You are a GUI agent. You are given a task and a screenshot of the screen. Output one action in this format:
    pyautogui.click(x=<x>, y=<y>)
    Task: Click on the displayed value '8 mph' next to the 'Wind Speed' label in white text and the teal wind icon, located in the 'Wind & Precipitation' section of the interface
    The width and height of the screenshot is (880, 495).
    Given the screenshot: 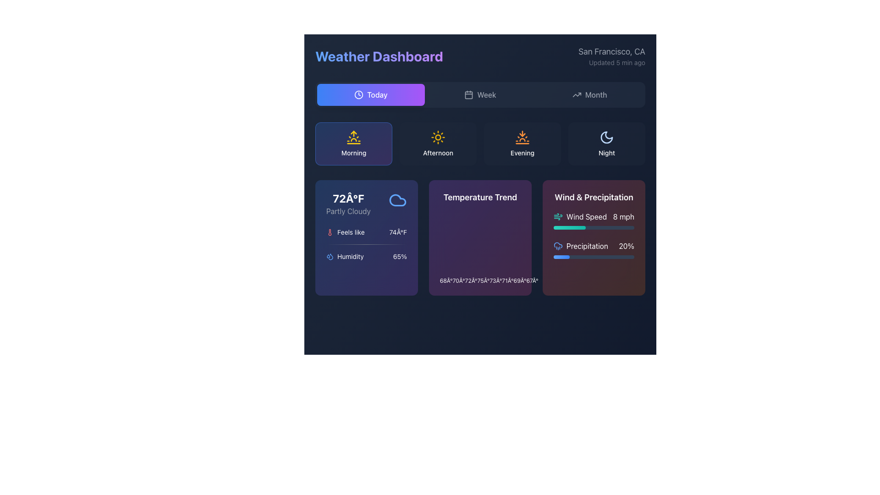 What is the action you would take?
    pyautogui.click(x=594, y=217)
    